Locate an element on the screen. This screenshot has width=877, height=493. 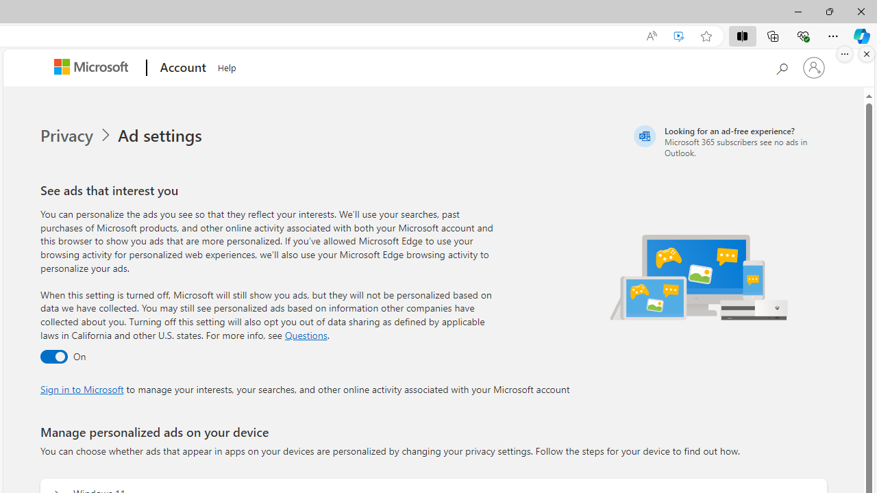
'Read aloud this page (Ctrl+Shift+U)' is located at coordinates (651, 36).